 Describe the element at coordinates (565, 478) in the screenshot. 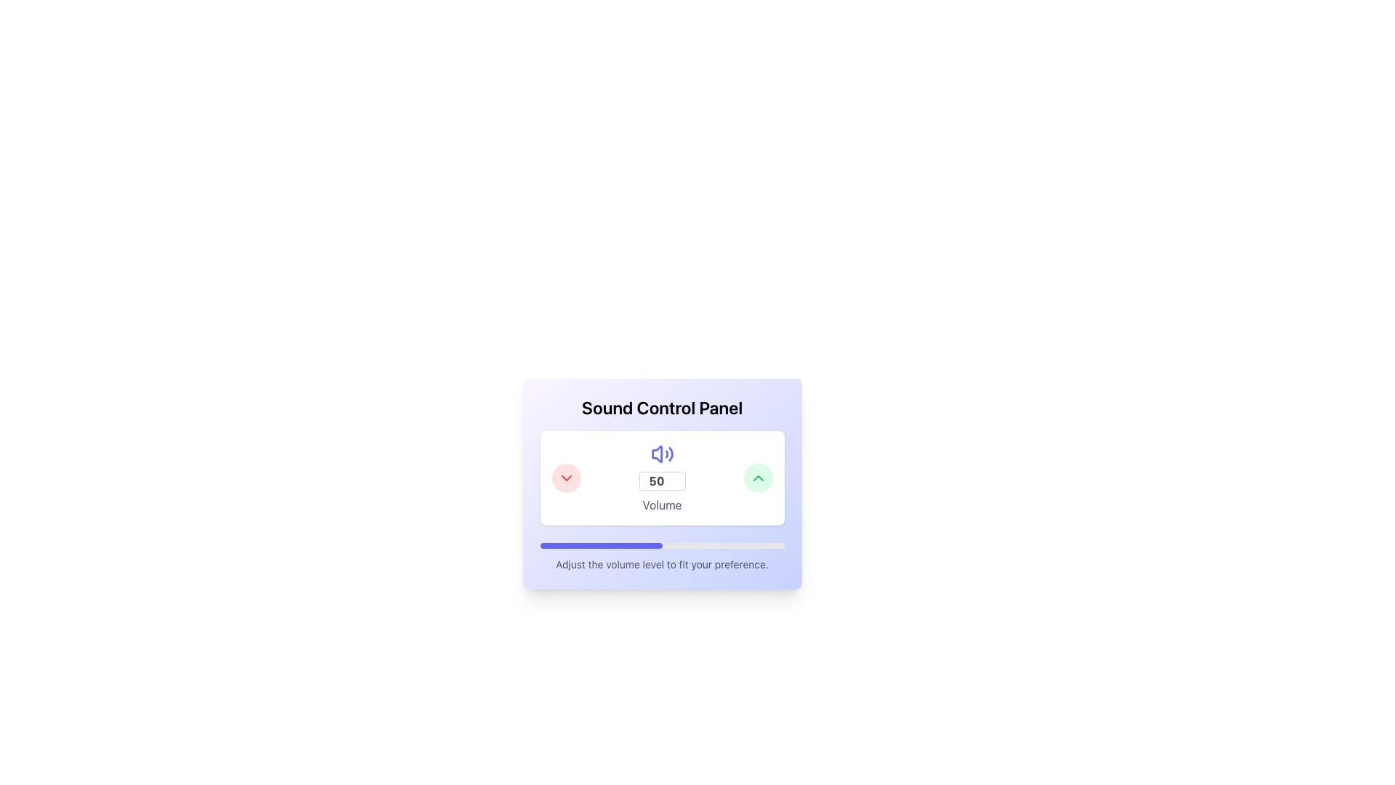

I see `the decrease control icon located in the circular button area on the left side of the Sound Control Panel to reduce the volume` at that location.